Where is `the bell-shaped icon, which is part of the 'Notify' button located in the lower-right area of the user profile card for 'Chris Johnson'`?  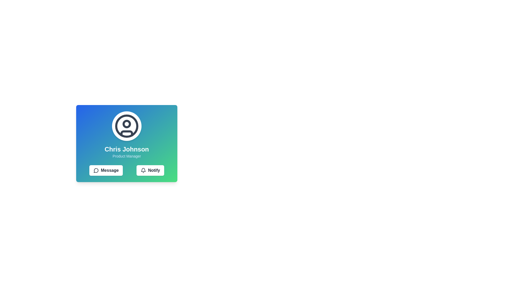
the bell-shaped icon, which is part of the 'Notify' button located in the lower-right area of the user profile card for 'Chris Johnson' is located at coordinates (143, 170).